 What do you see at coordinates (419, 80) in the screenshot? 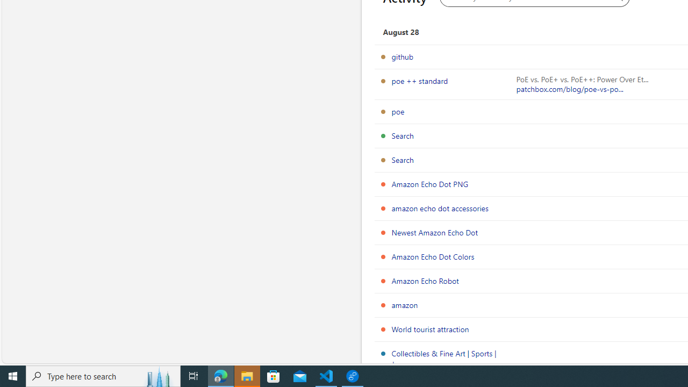
I see `'poe ++ standard'` at bounding box center [419, 80].